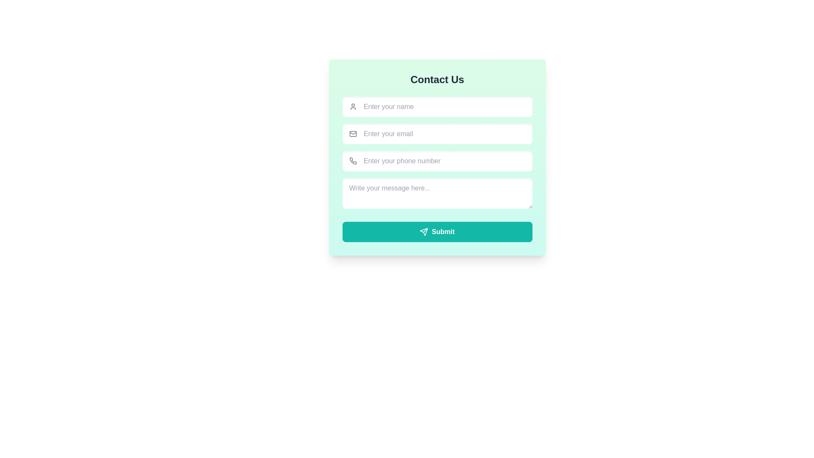 The width and height of the screenshot is (814, 458). What do you see at coordinates (437, 232) in the screenshot?
I see `the teal rectangular button labeled 'Submit' with a white paper plane icon to trigger a visual change` at bounding box center [437, 232].